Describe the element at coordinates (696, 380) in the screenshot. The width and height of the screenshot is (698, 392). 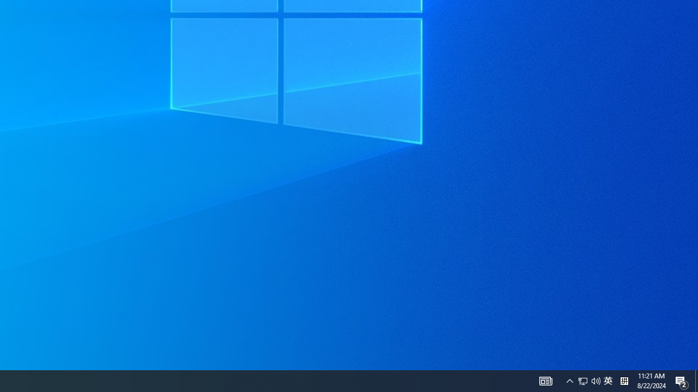
I see `'Show desktop'` at that location.